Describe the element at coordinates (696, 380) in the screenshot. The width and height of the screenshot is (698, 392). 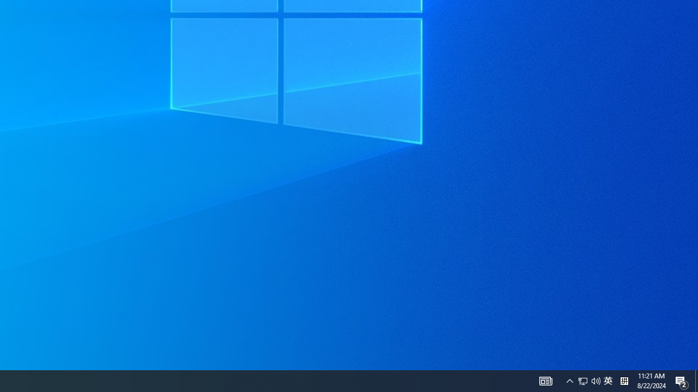
I see `'Show desktop'` at that location.